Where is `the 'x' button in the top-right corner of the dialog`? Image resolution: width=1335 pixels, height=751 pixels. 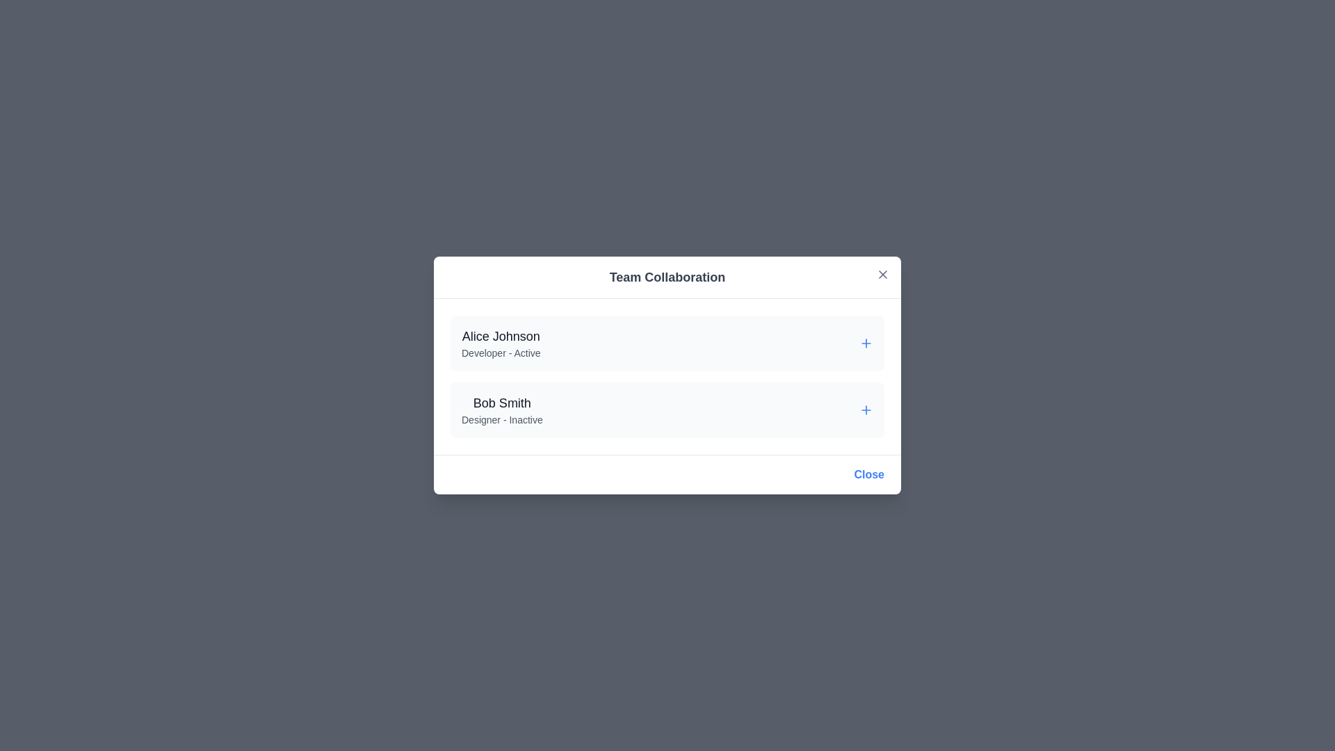
the 'x' button in the top-right corner of the dialog is located at coordinates (882, 274).